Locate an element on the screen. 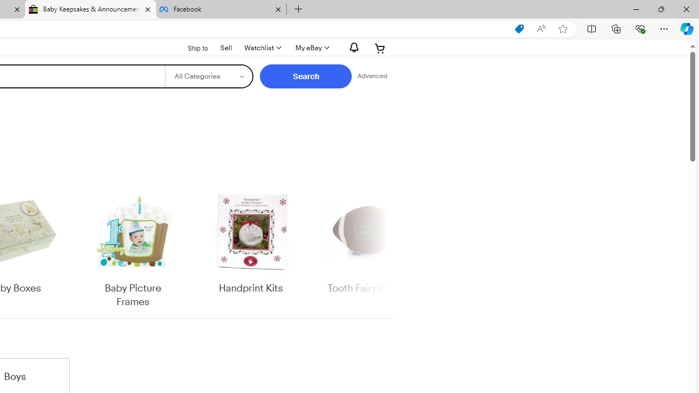 The image size is (699, 393). 'Ship to' is located at coordinates (191, 48).